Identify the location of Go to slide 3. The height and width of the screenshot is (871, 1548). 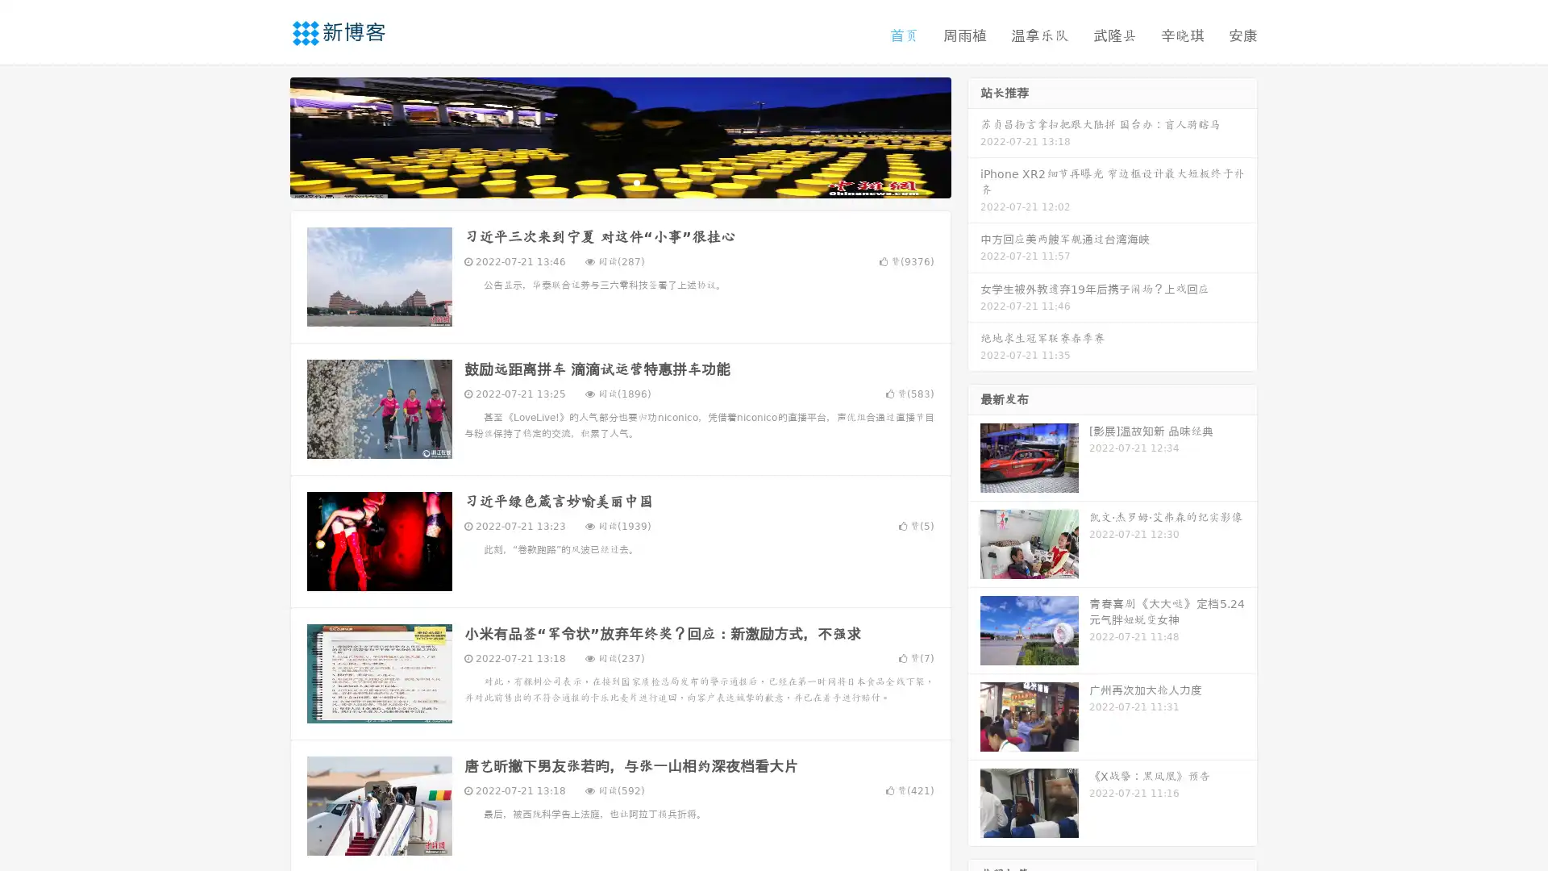
(636, 181).